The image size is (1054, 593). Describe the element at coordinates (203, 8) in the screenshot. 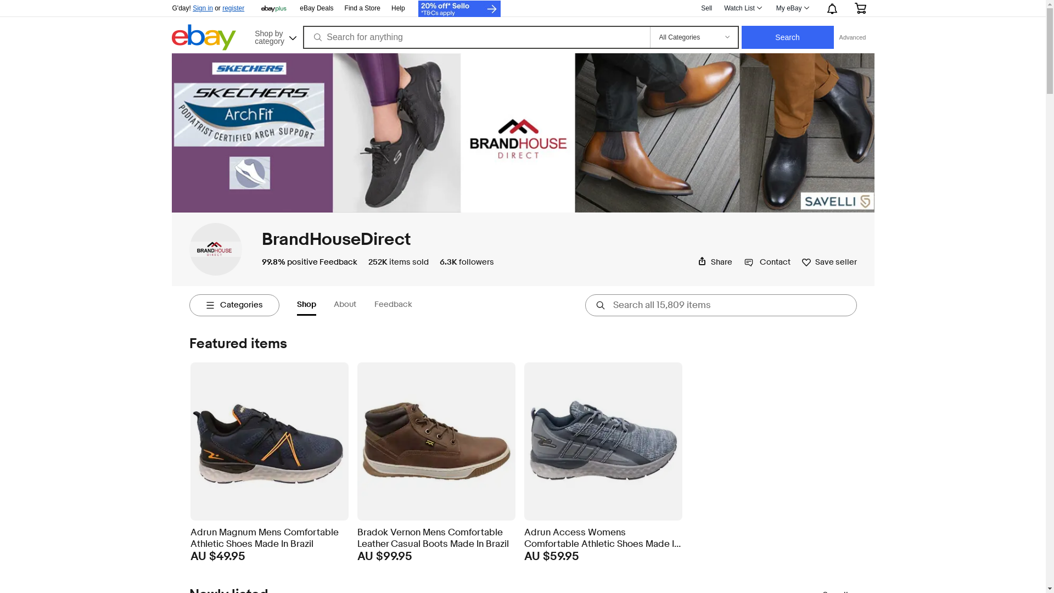

I see `'Sign in'` at that location.